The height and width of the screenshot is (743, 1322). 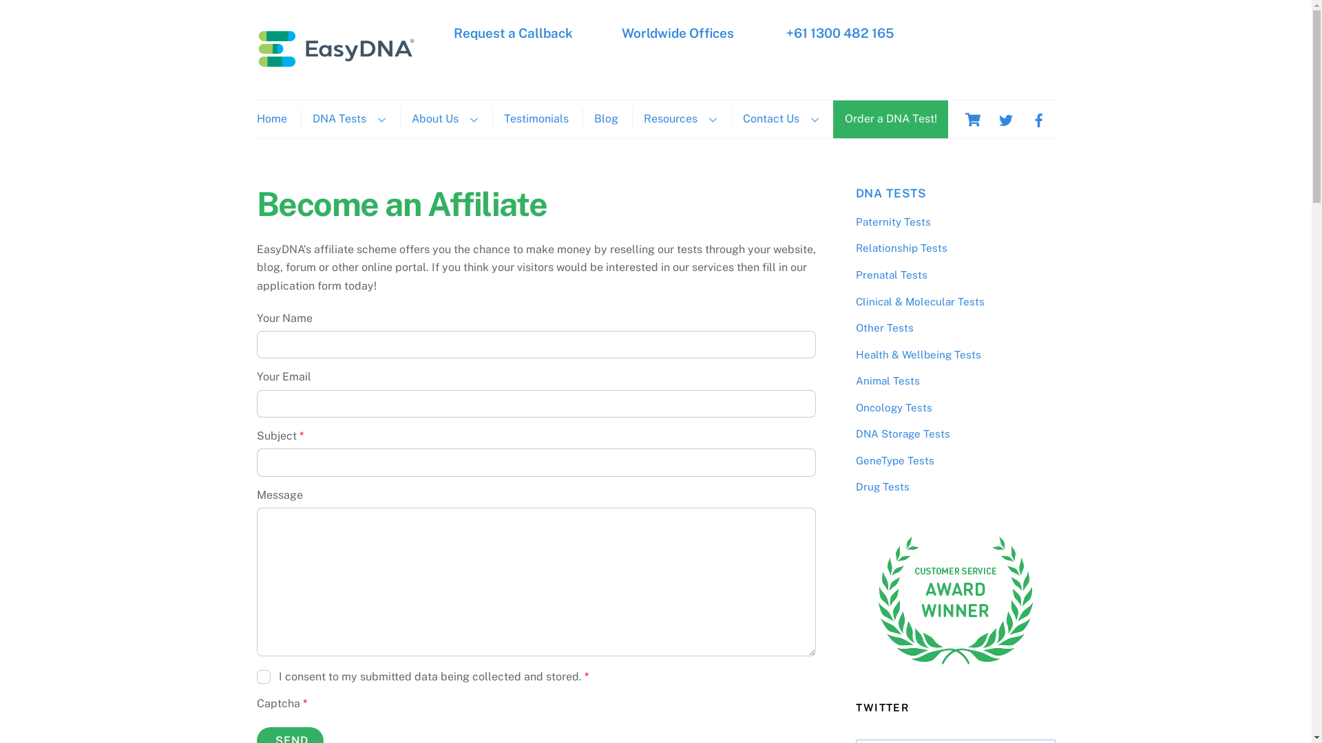 What do you see at coordinates (631, 118) in the screenshot?
I see `'Resources'` at bounding box center [631, 118].